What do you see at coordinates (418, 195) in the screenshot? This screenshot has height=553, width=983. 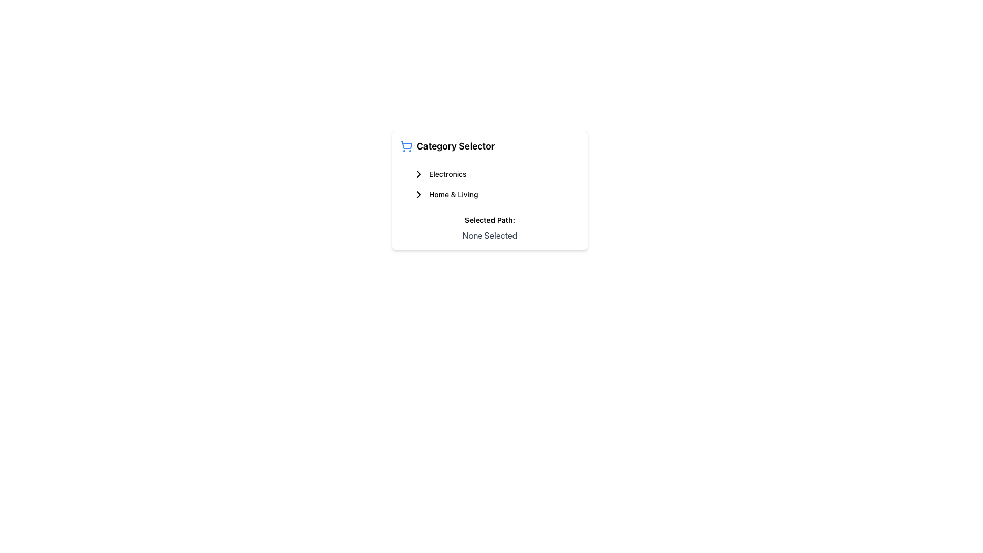 I see `the Chevron Icon adjacent to the 'Home & Living' text` at bounding box center [418, 195].